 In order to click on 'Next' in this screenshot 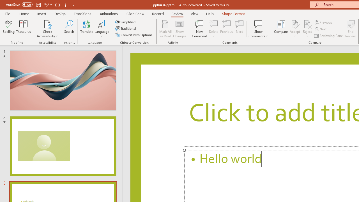, I will do `click(321, 29)`.